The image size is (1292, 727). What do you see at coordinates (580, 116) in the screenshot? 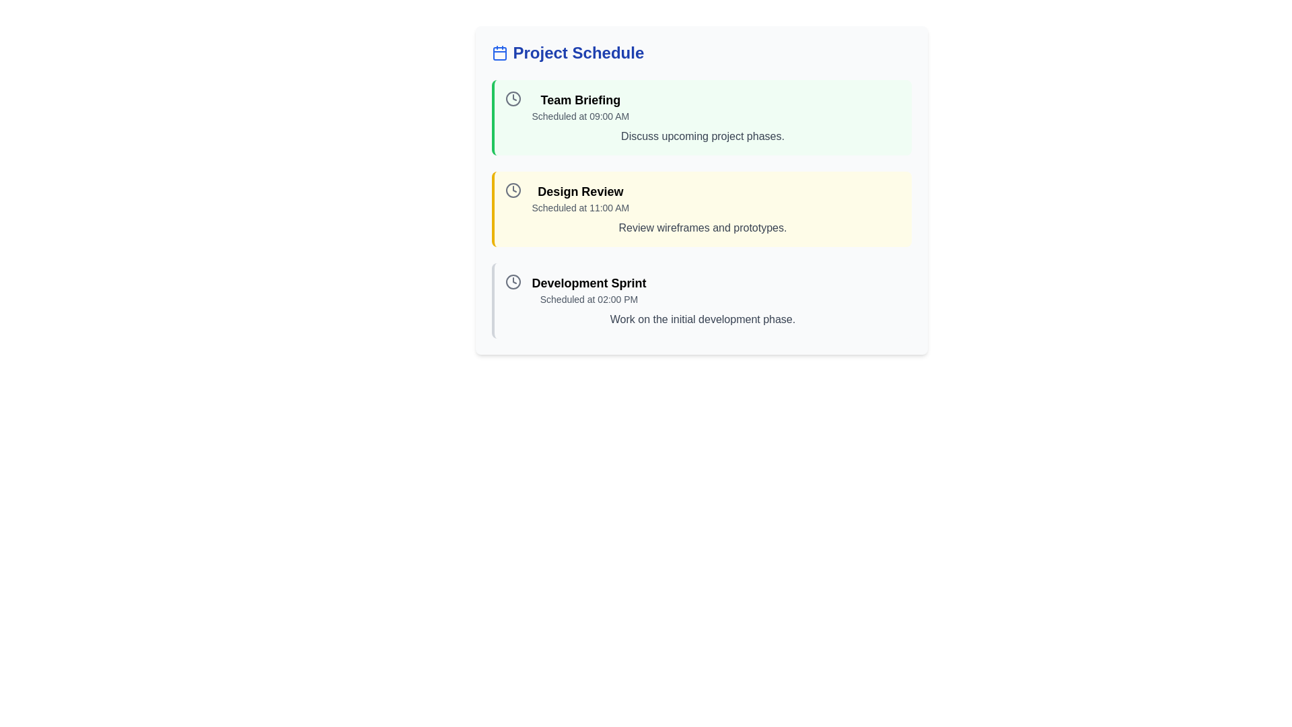
I see `the static text label displaying 'Scheduled at 09:00 AM', which is positioned below 'Team Briefing' in the 'Project Schedule' card` at bounding box center [580, 116].